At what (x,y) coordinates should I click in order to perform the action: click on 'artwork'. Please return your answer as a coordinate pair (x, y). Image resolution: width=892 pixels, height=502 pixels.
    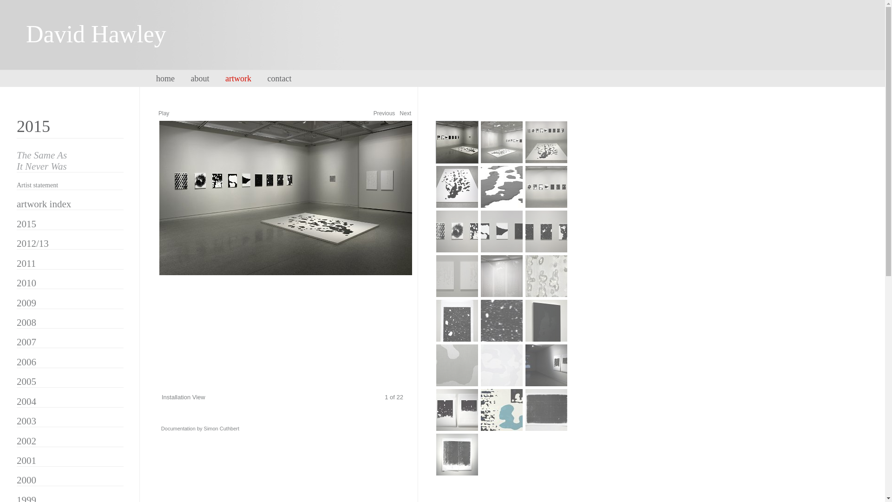
    Looking at the image, I should click on (225, 78).